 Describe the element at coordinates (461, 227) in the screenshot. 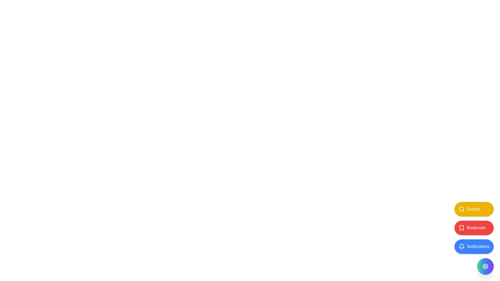

I see `the 'Bookmark' button, which is a circular button in the second position of a vertical menu` at that location.